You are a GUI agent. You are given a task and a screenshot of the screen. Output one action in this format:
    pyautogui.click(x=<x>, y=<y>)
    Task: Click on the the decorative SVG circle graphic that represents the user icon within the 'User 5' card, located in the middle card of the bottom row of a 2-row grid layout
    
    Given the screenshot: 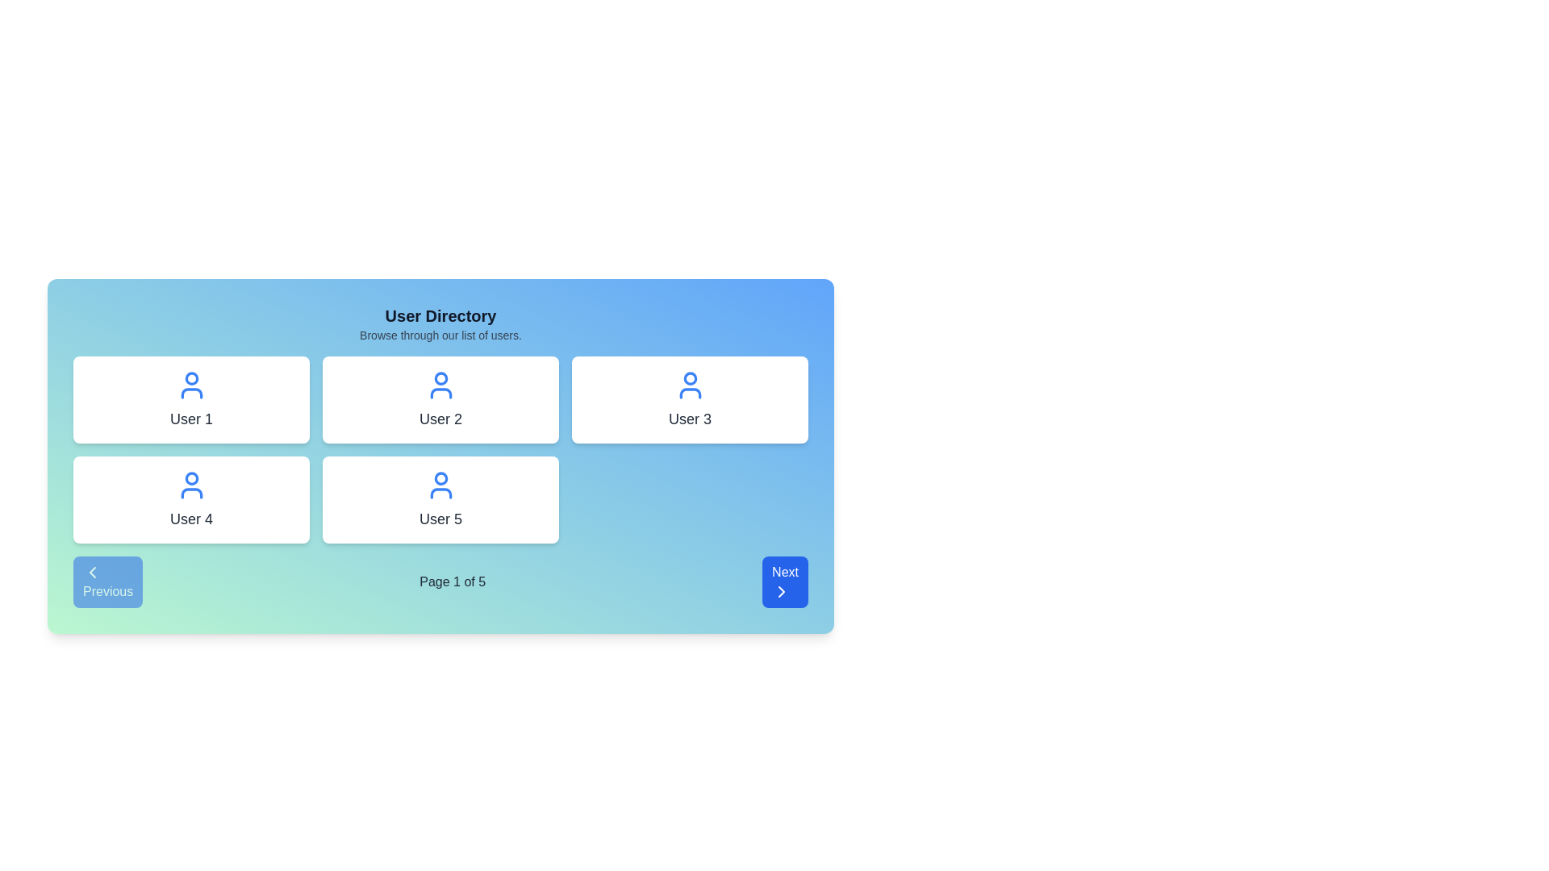 What is the action you would take?
    pyautogui.click(x=440, y=477)
    